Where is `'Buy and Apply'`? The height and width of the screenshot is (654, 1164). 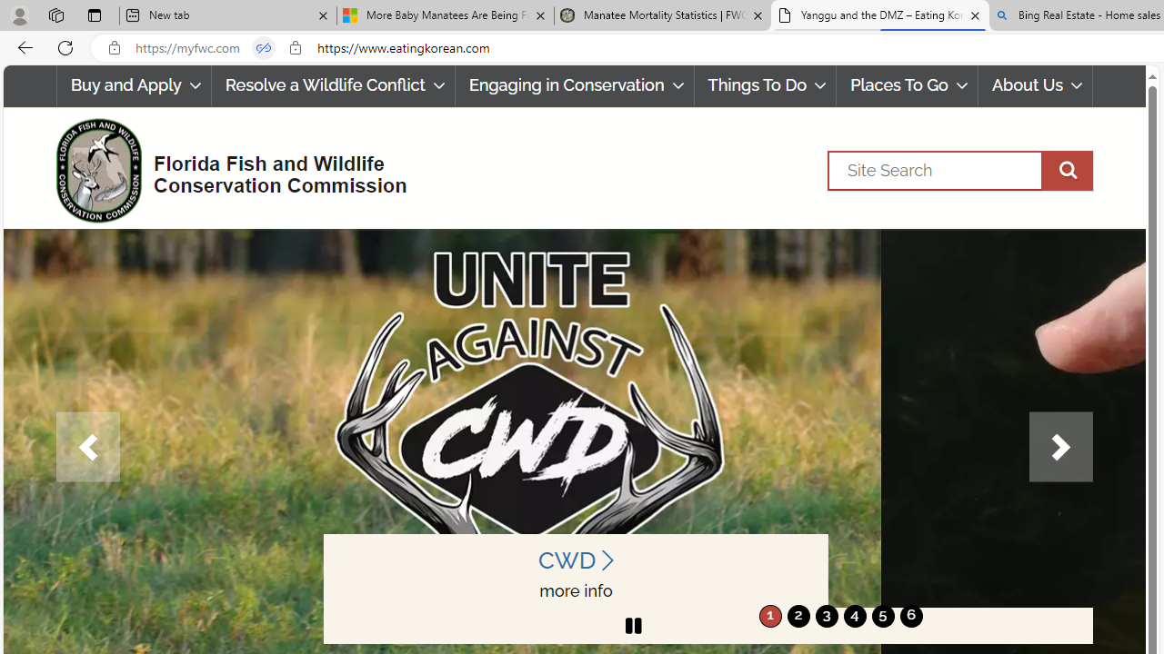 'Buy and Apply' is located at coordinates (133, 85).